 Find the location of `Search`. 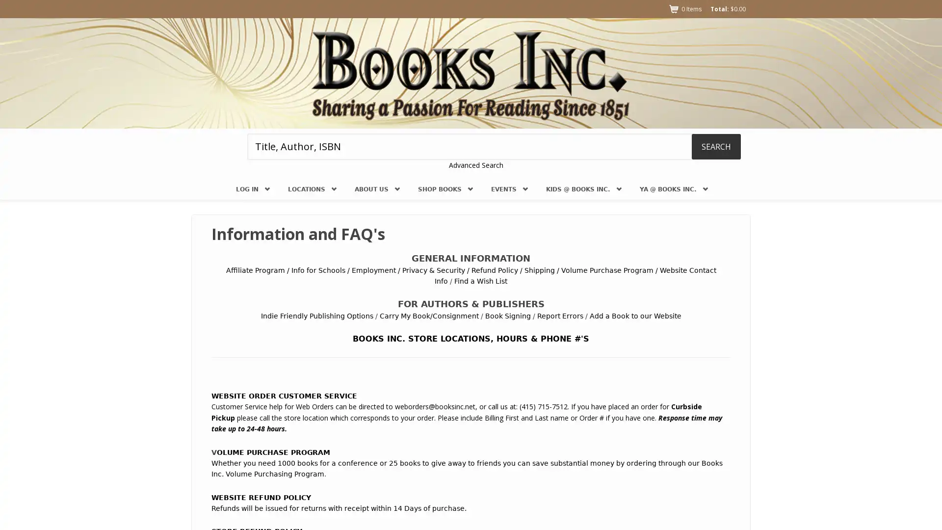

Search is located at coordinates (716, 146).